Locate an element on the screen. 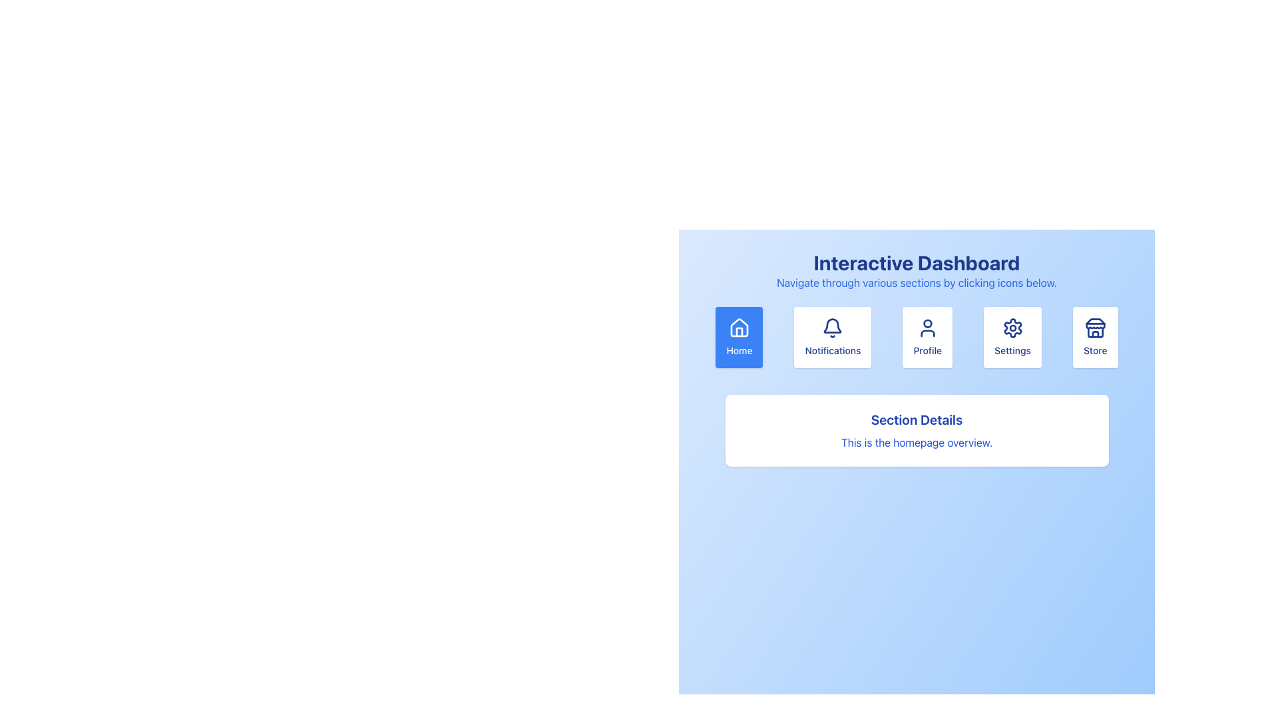 The width and height of the screenshot is (1278, 719). the storefront icon within the button located at the far-right position of the row beneath 'Interactive Dashboard' is located at coordinates (1095, 328).